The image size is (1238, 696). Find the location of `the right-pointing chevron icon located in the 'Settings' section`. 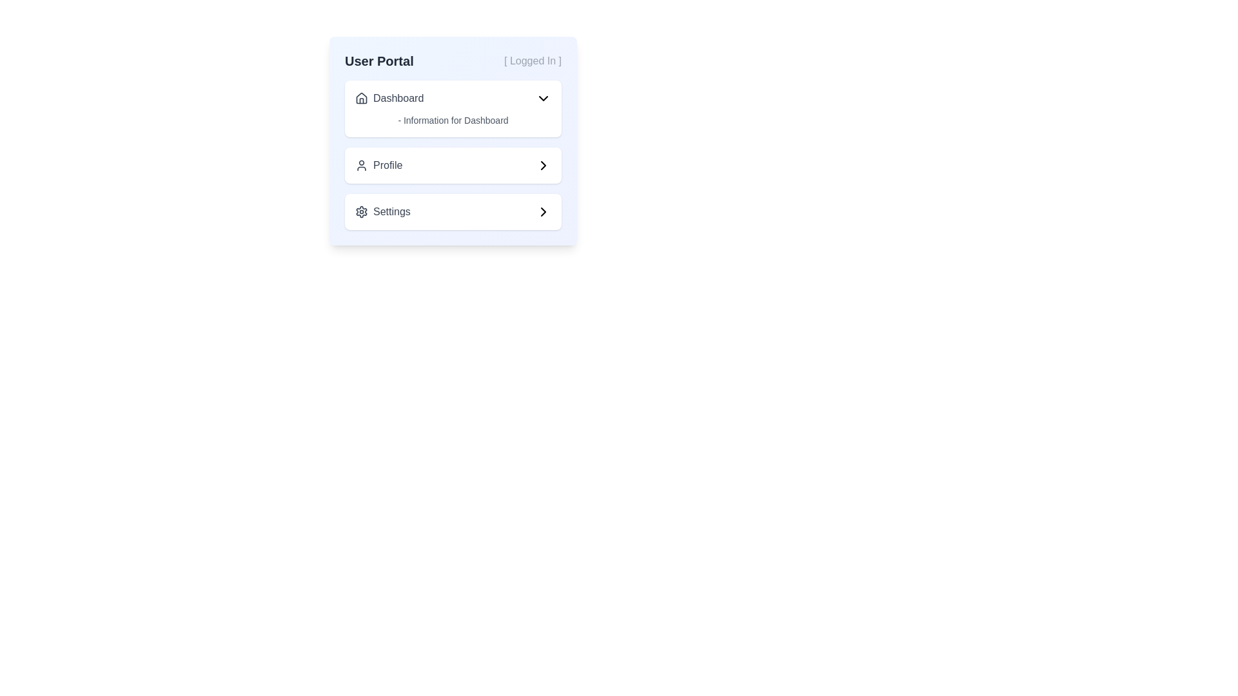

the right-pointing chevron icon located in the 'Settings' section is located at coordinates (544, 211).